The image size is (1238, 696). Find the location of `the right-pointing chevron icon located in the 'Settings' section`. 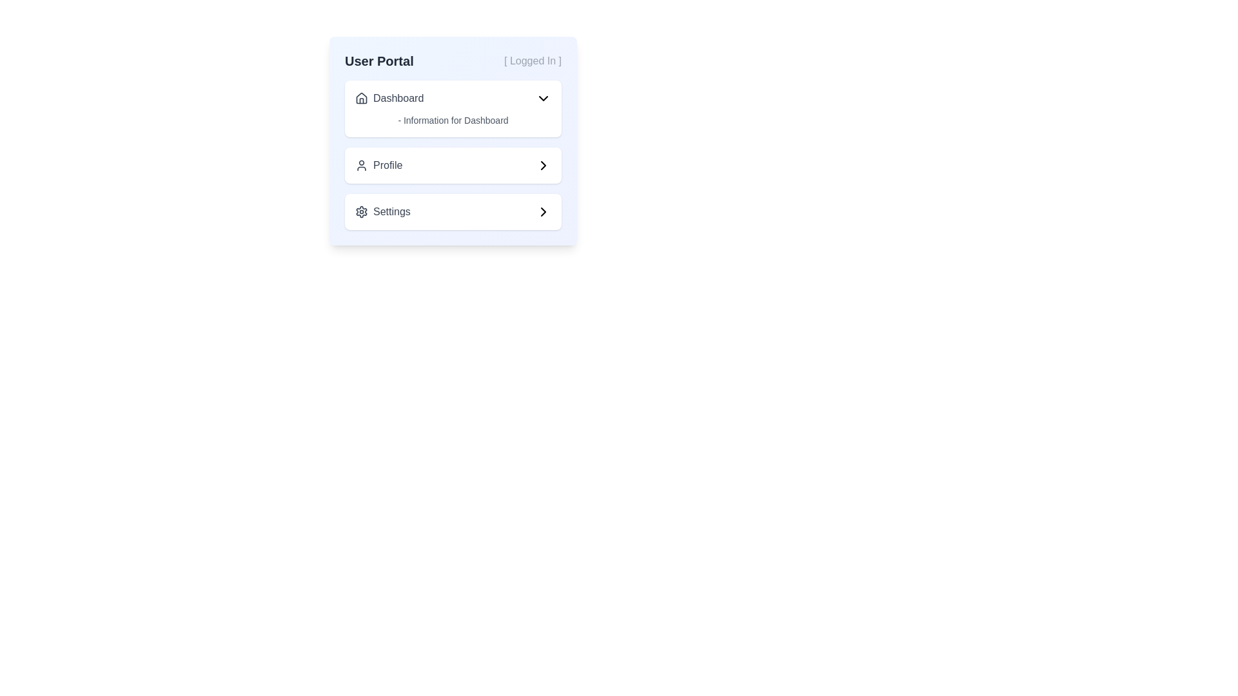

the right-pointing chevron icon located in the 'Settings' section is located at coordinates (544, 211).